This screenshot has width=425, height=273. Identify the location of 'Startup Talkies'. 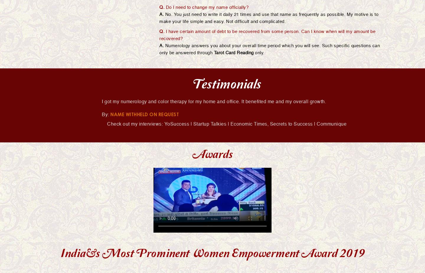
(193, 124).